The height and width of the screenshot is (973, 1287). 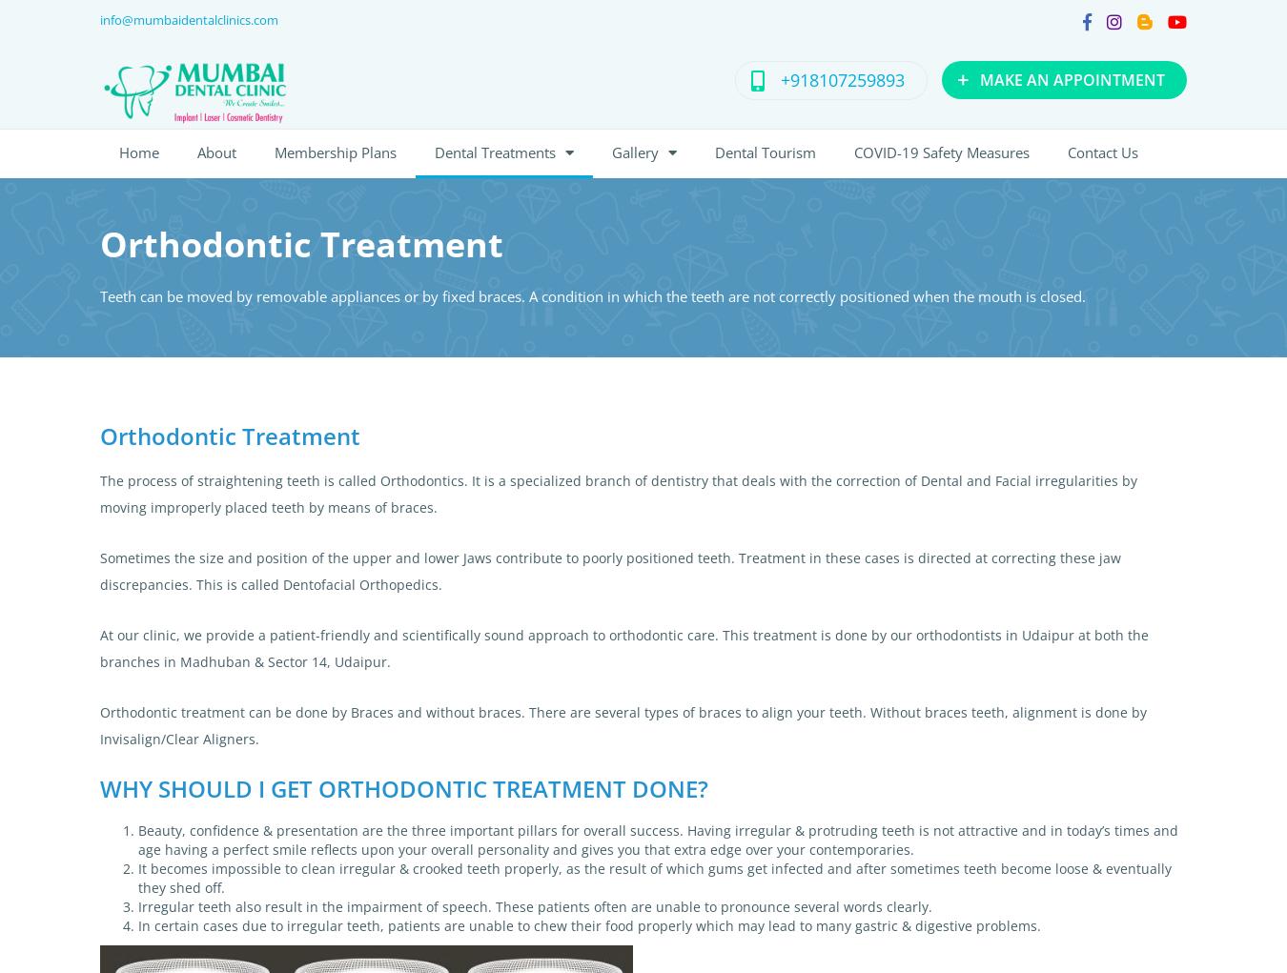 What do you see at coordinates (215, 151) in the screenshot?
I see `'About'` at bounding box center [215, 151].